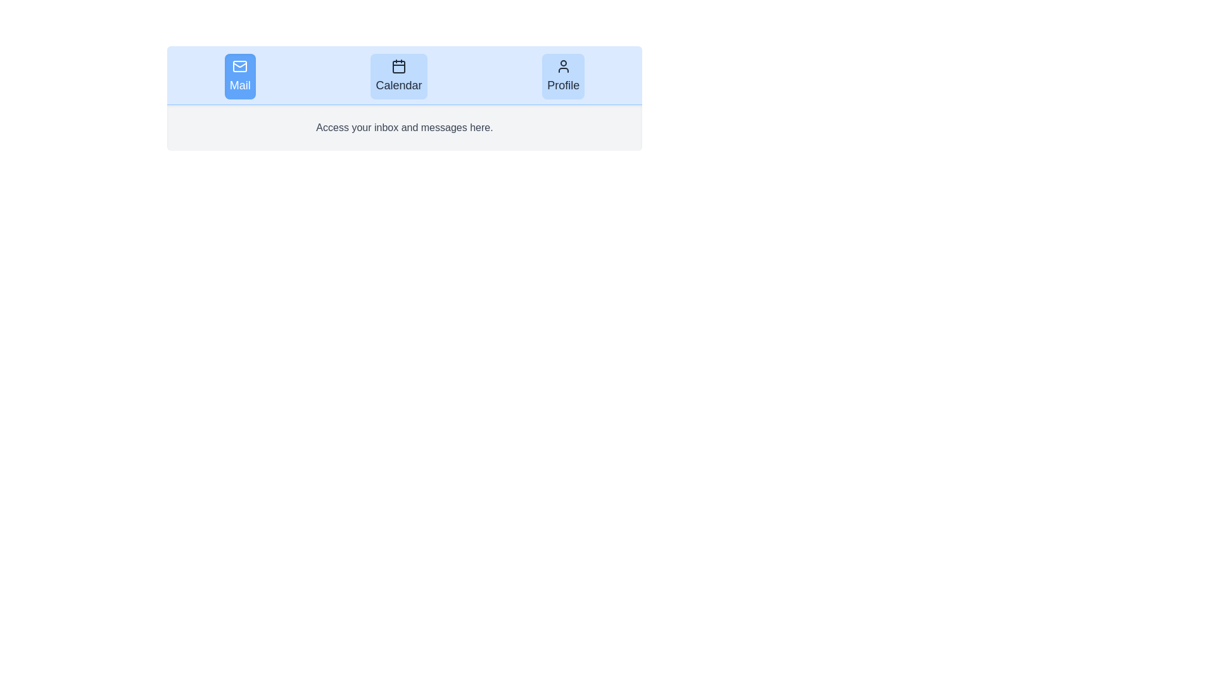 The height and width of the screenshot is (684, 1216). What do you see at coordinates (240, 76) in the screenshot?
I see `the Mail tab to view its content` at bounding box center [240, 76].